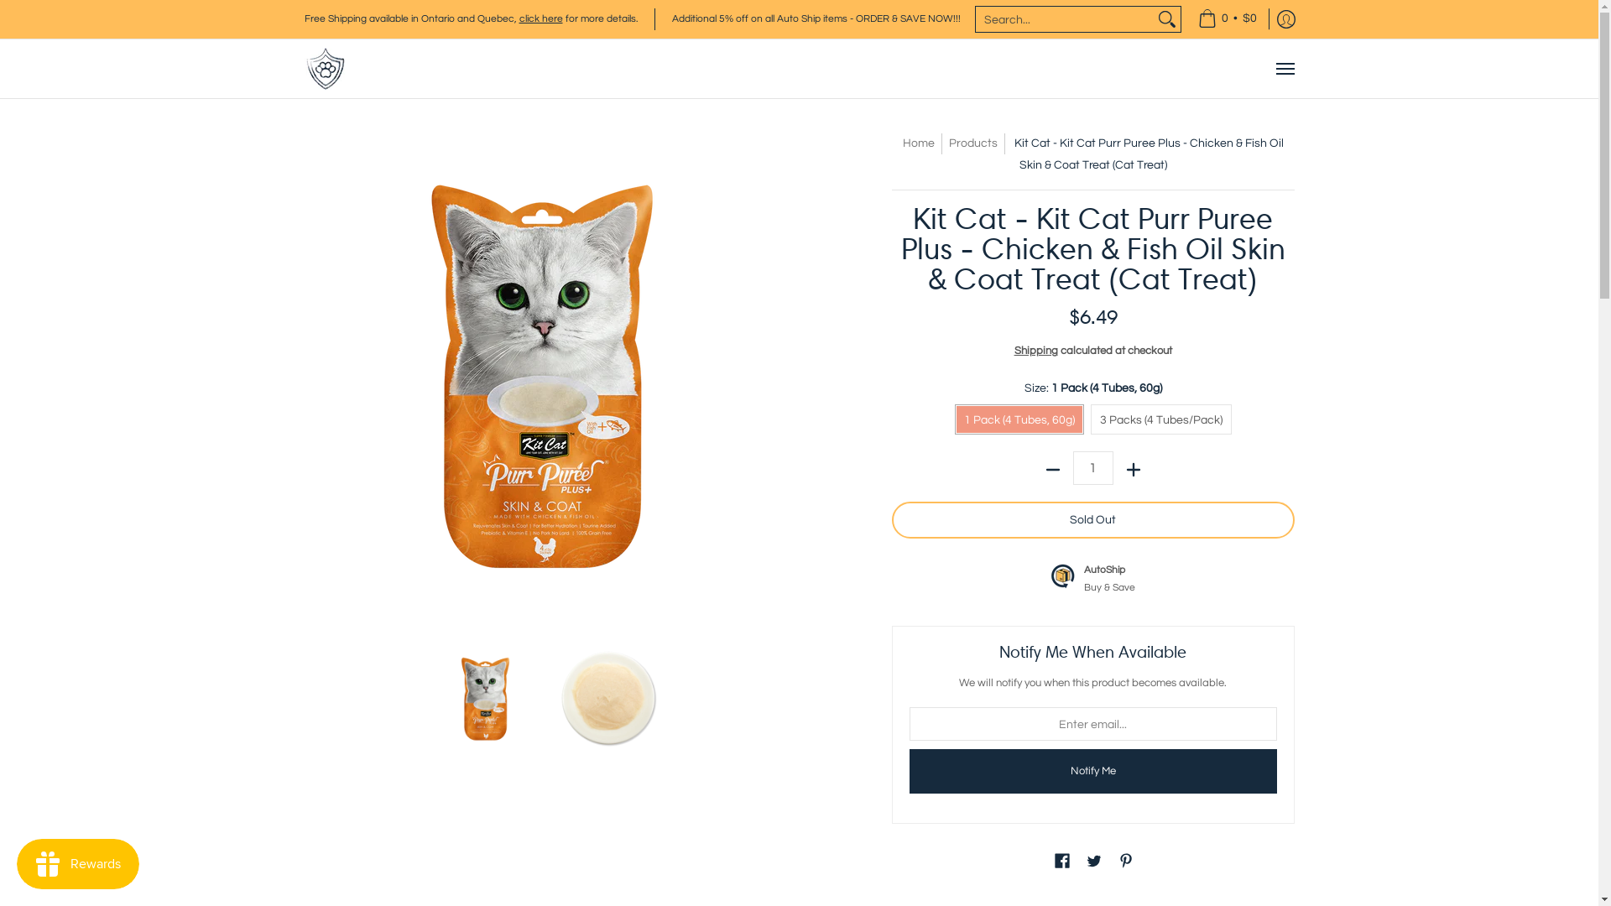 Image resolution: width=1611 pixels, height=906 pixels. Describe the element at coordinates (1035, 350) in the screenshot. I see `'Shipping'` at that location.